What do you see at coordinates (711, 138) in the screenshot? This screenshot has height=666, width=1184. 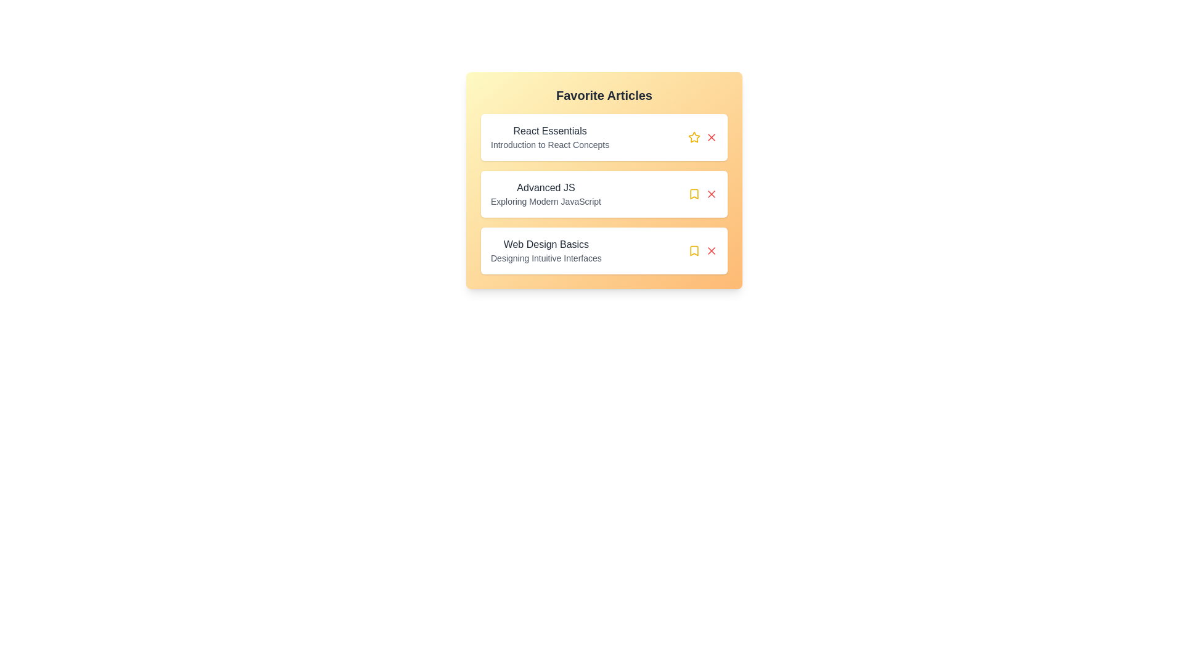 I see `the remove button for the article titled 'React Essentials'` at bounding box center [711, 138].